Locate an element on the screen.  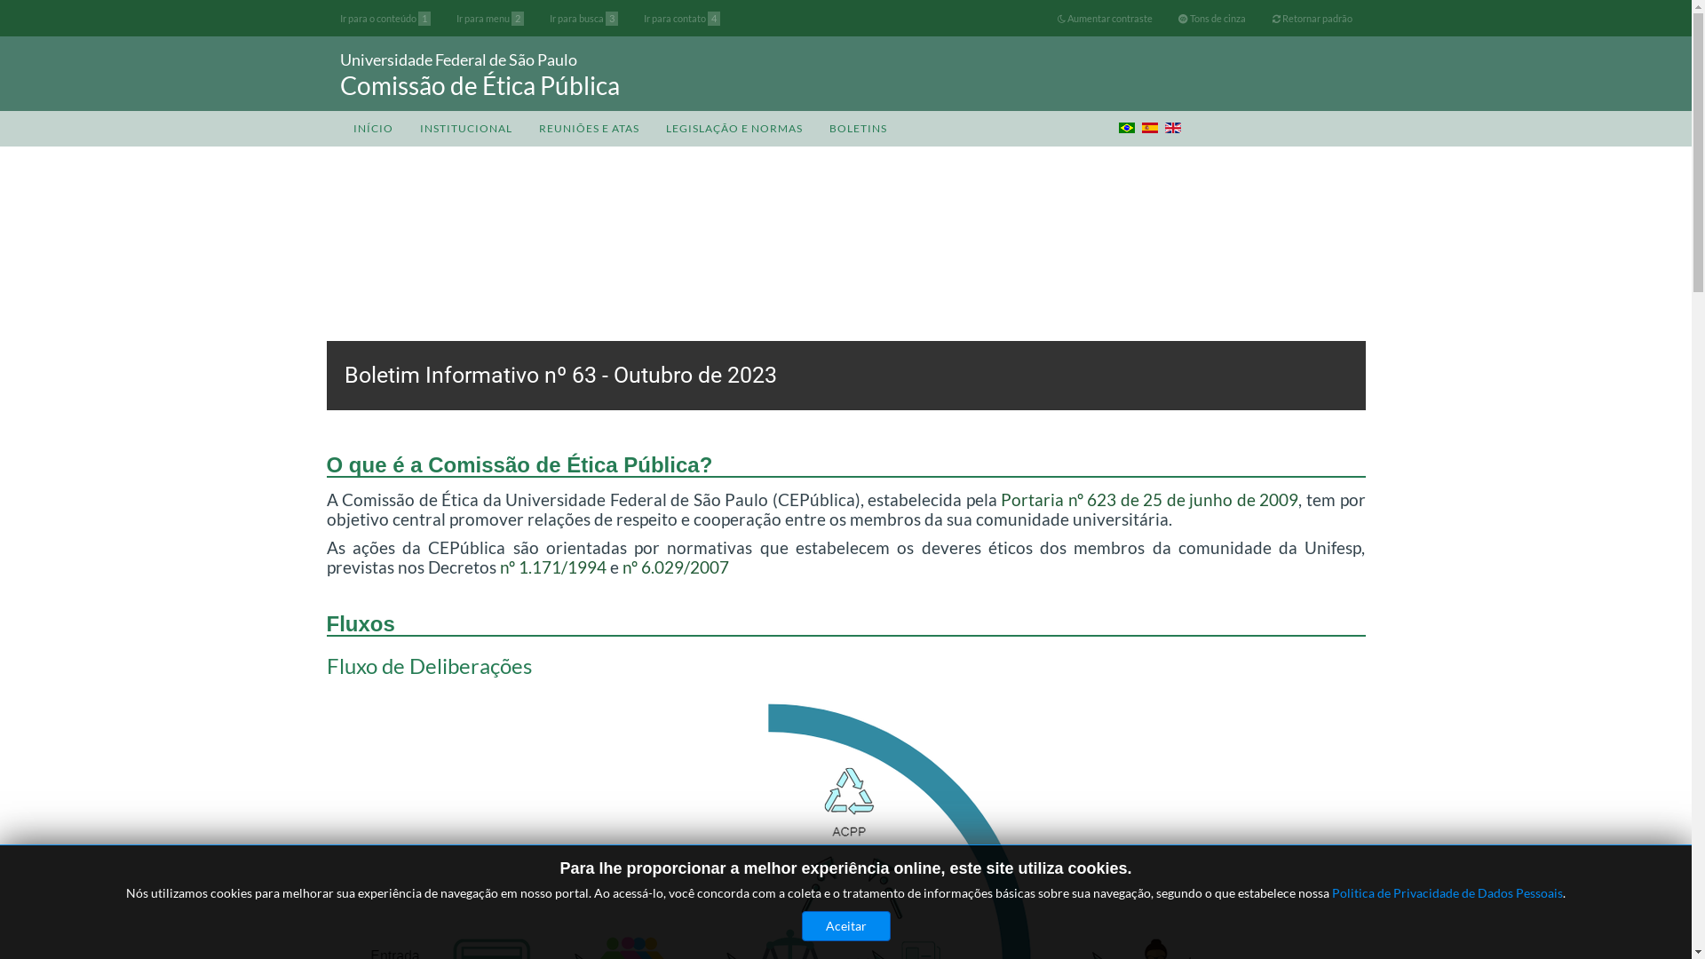
'Ir para busca 3' is located at coordinates (549, 18).